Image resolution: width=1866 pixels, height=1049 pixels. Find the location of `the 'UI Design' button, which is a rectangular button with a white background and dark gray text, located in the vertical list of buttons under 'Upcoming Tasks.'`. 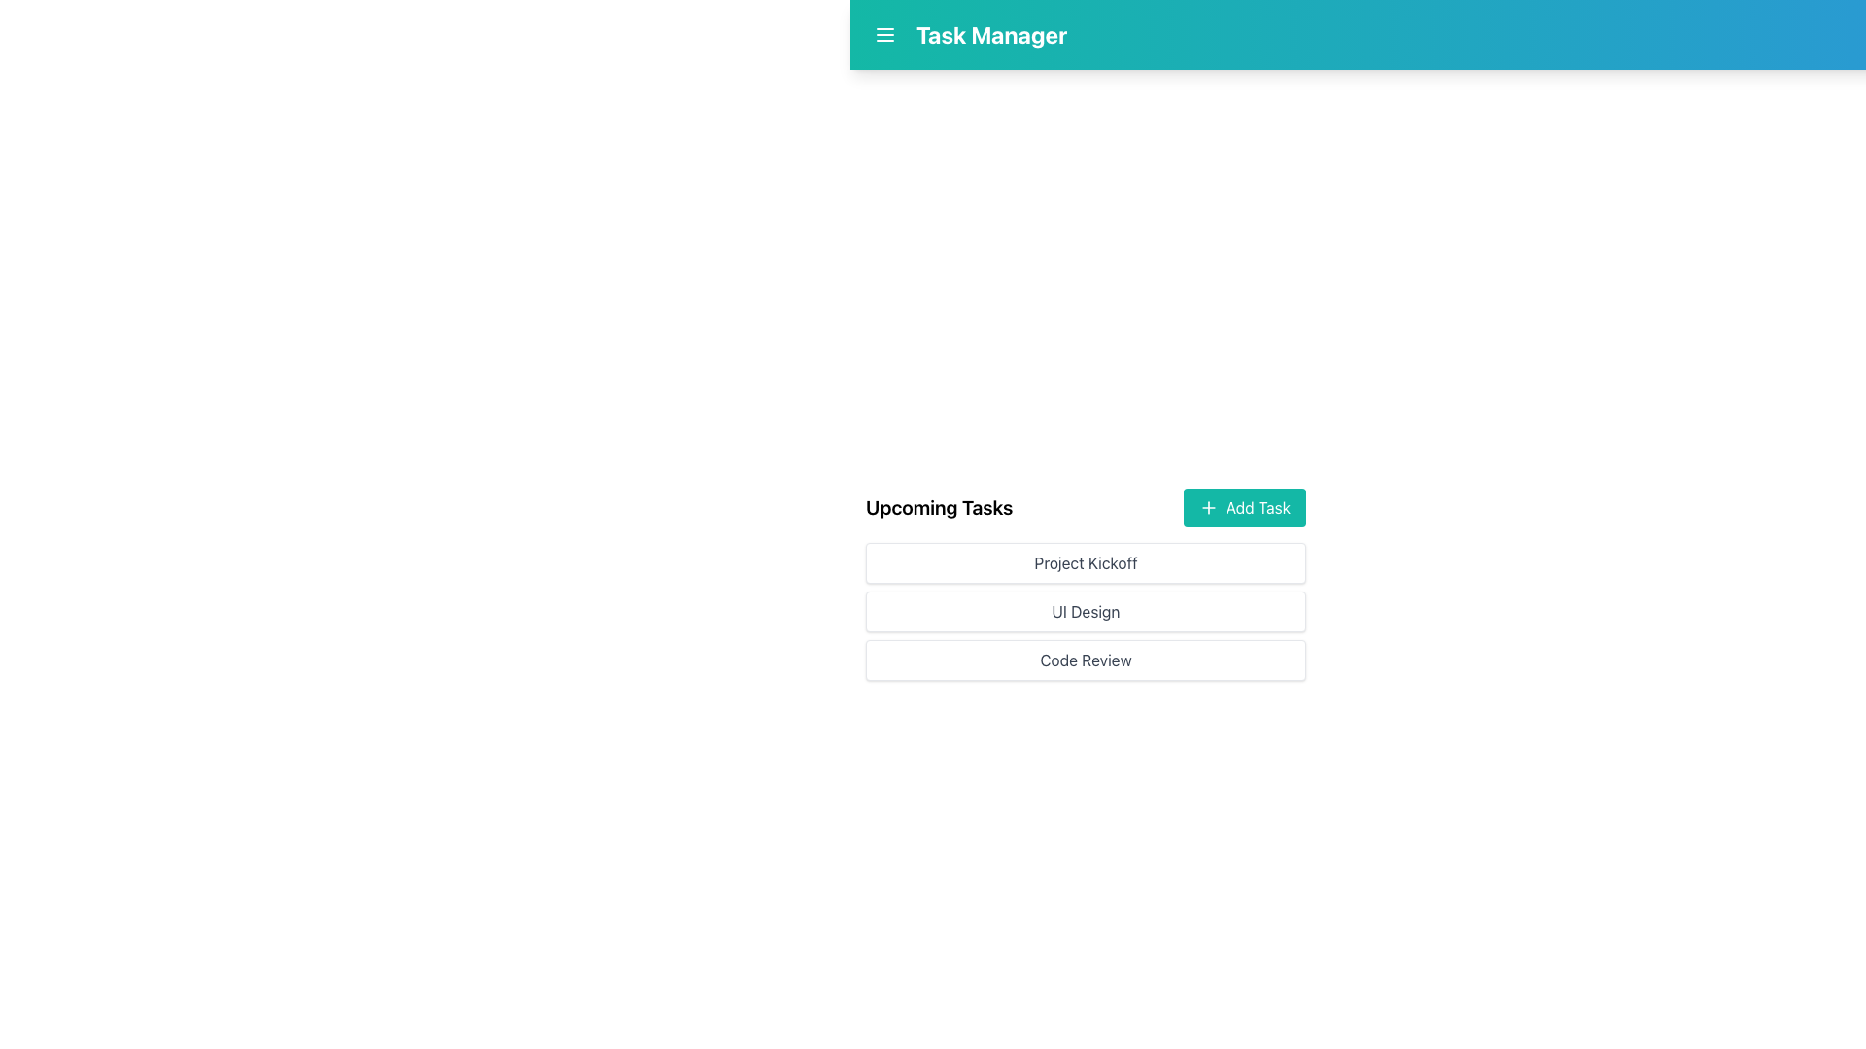

the 'UI Design' button, which is a rectangular button with a white background and dark gray text, located in the vertical list of buttons under 'Upcoming Tasks.' is located at coordinates (1085, 610).